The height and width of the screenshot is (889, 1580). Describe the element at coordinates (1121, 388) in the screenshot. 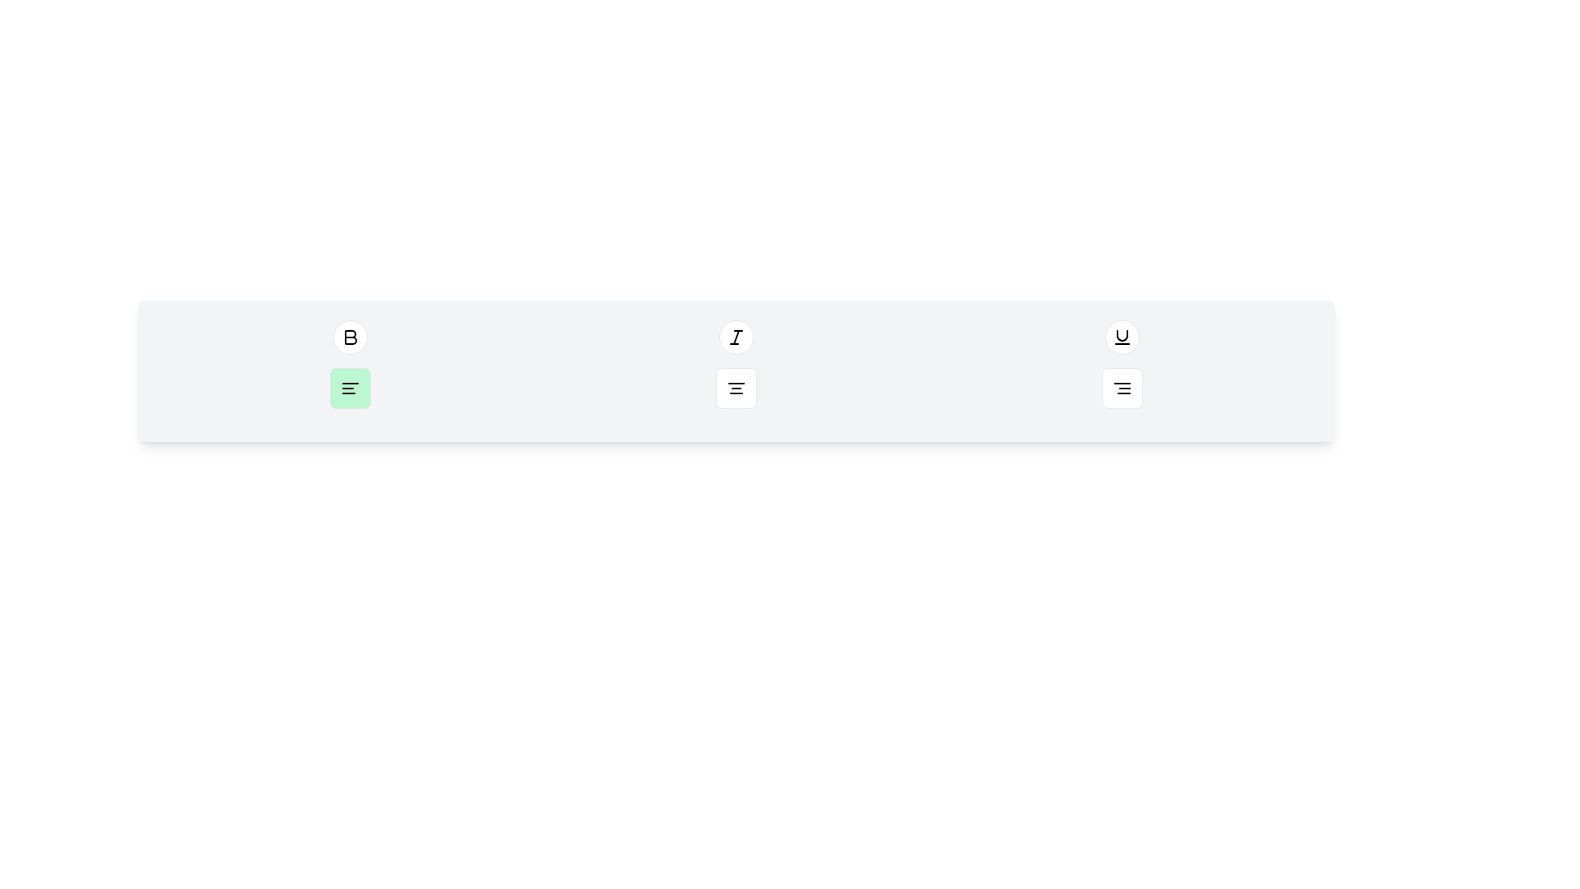

I see `the rightmost rounded square button with a white background and an icon of three horizontal lines` at that location.